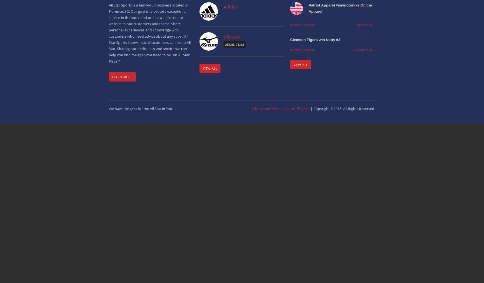  What do you see at coordinates (365, 49) in the screenshot?
I see `'January 8, 2019'` at bounding box center [365, 49].